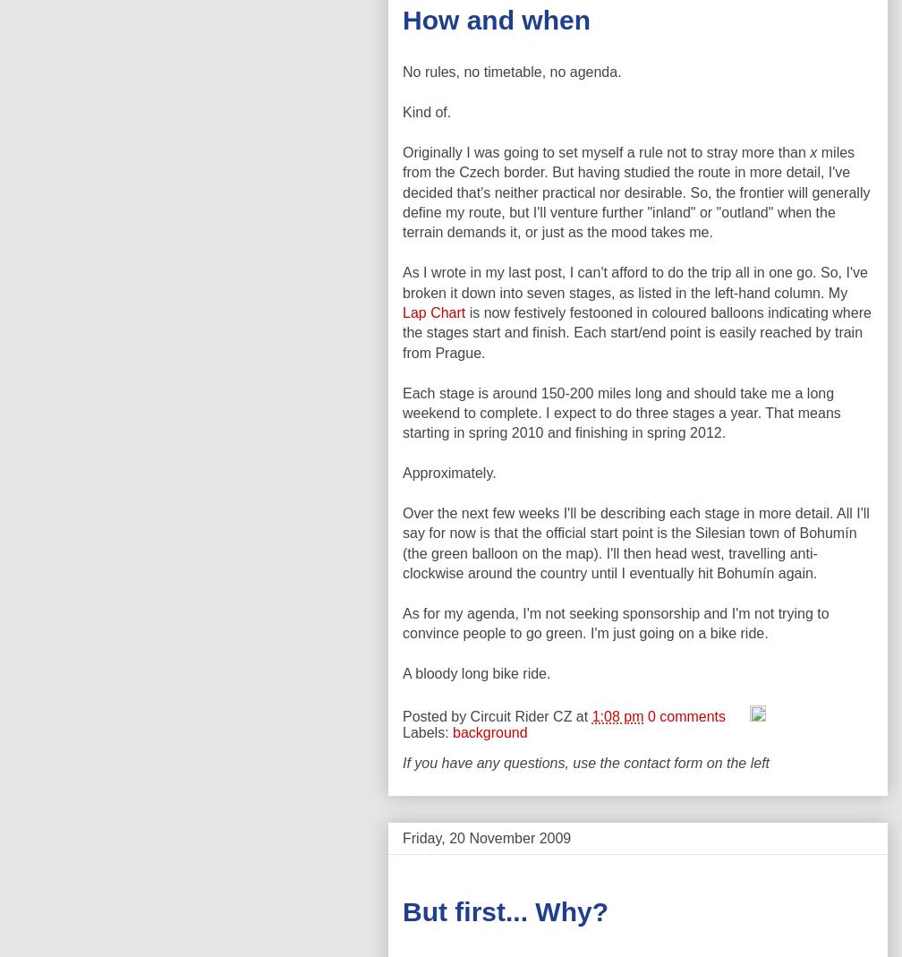 The image size is (902, 957). Describe the element at coordinates (487, 837) in the screenshot. I see `'Friday, 20 November 2009'` at that location.